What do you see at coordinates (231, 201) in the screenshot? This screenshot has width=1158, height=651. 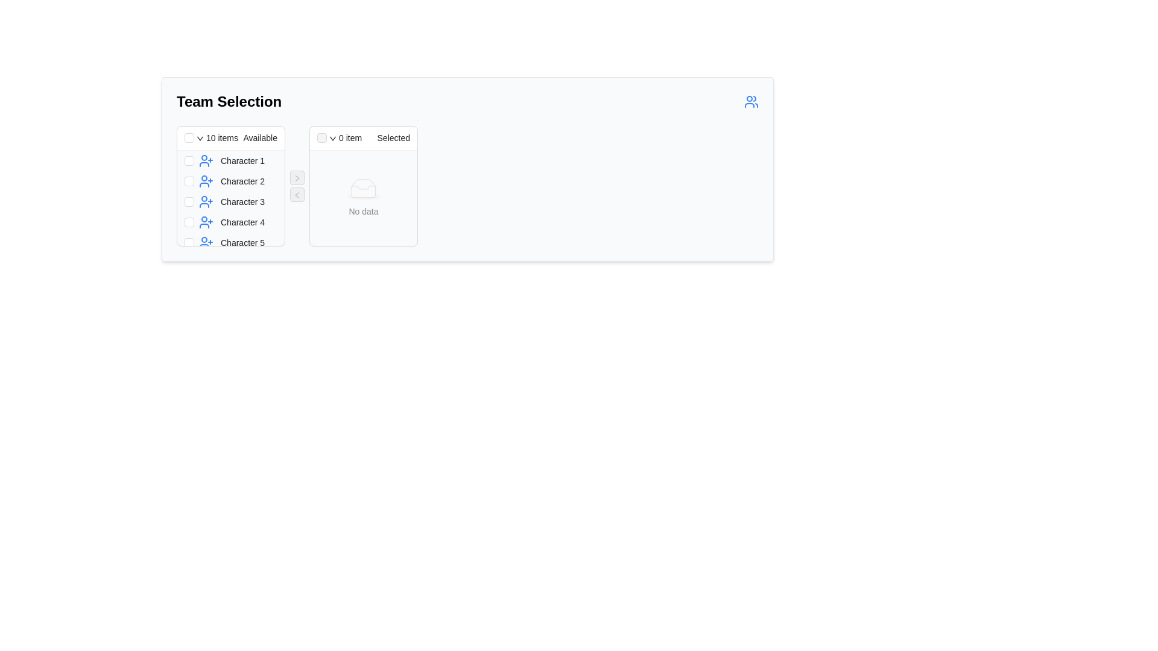 I see `the third selectable list item for 'Character 3' under the 'Available' category` at bounding box center [231, 201].